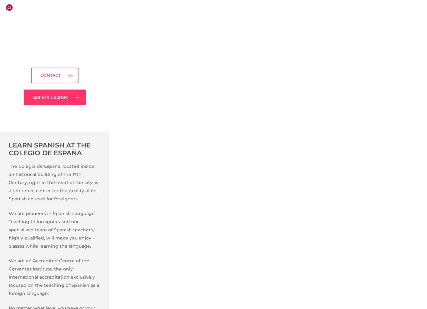 The image size is (427, 309). I want to click on 'PRICES AND DATES', so click(74, 268).